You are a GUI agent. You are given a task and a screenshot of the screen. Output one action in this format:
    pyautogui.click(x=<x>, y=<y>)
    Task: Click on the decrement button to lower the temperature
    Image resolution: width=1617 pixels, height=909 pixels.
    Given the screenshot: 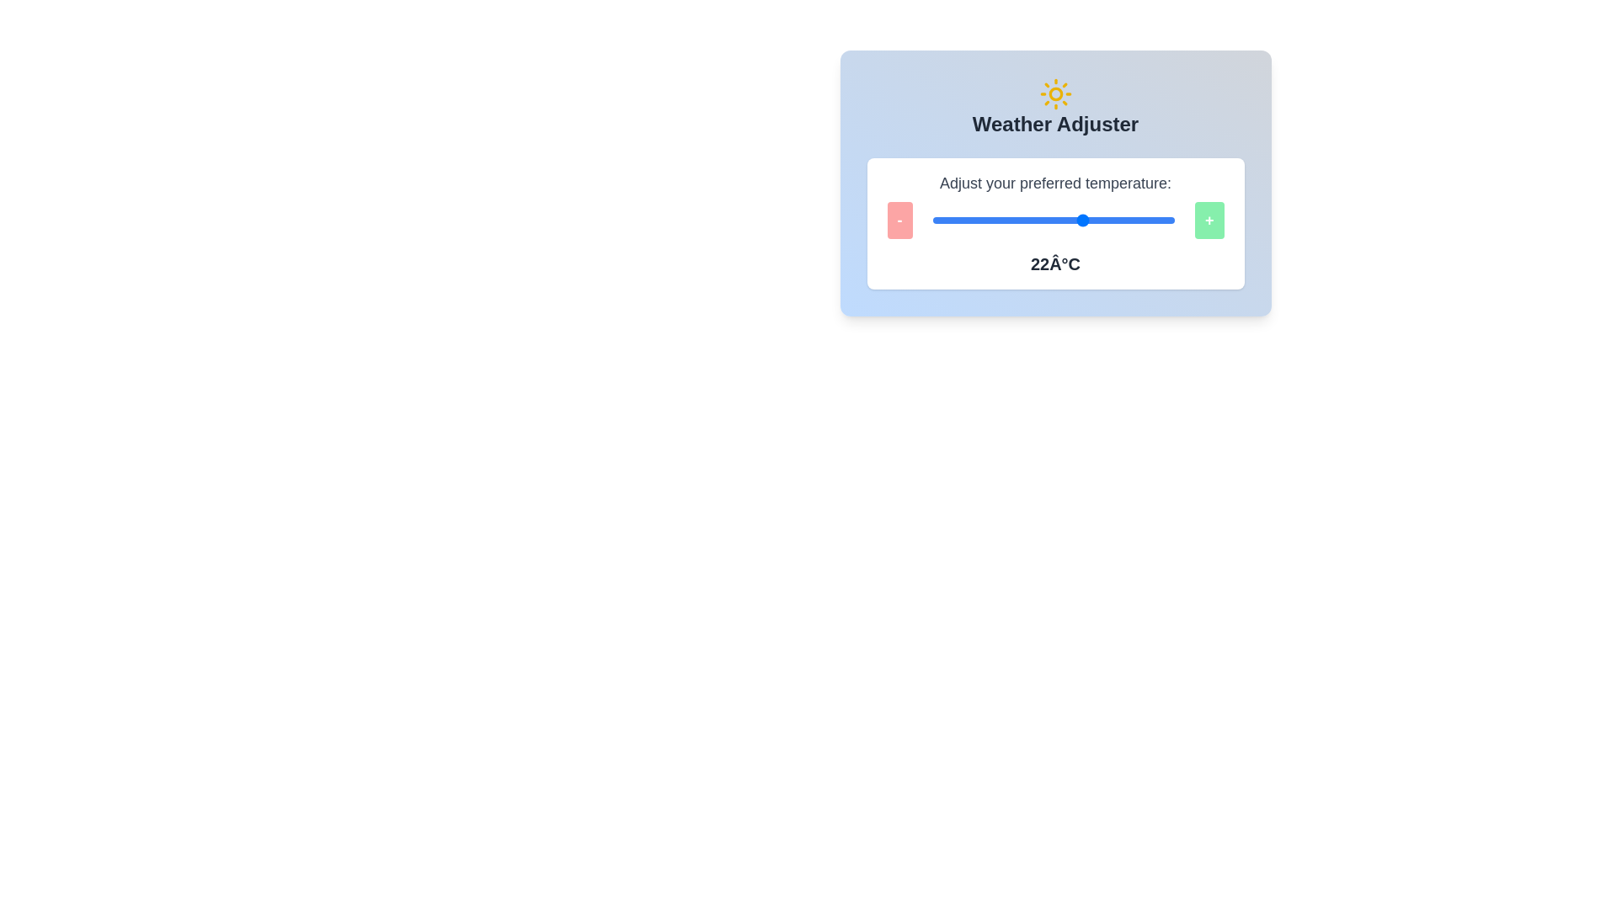 What is the action you would take?
    pyautogui.click(x=899, y=220)
    